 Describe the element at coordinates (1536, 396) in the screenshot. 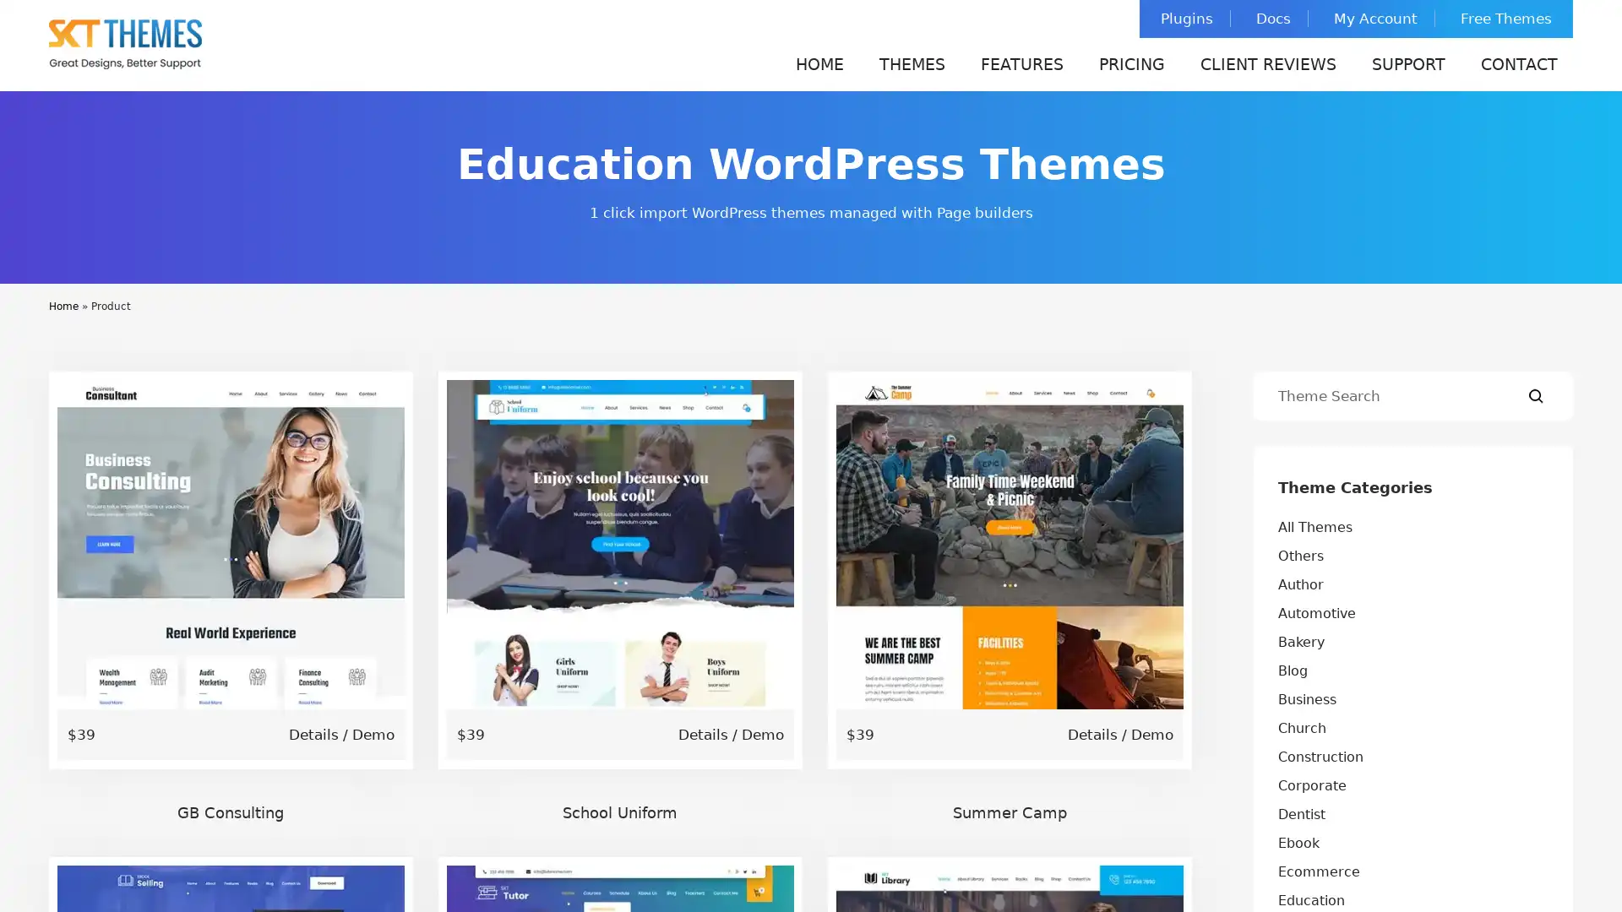

I see `Search` at that location.